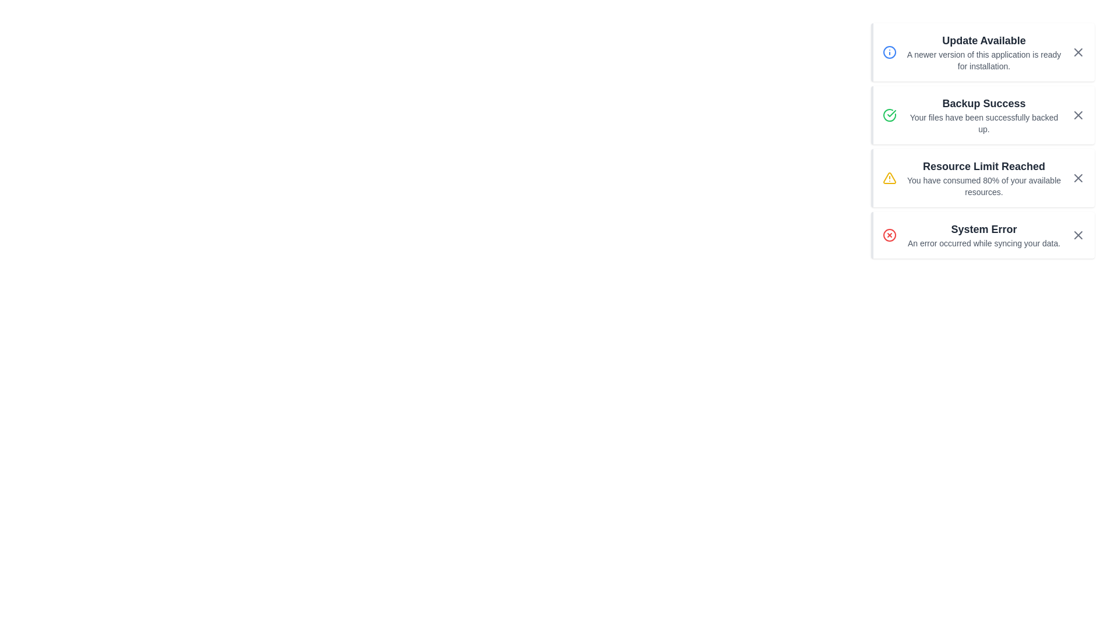 This screenshot has width=1118, height=629. I want to click on the triangular warning icon with a yellow fill and a bold black border, located in the left section of the 'Resource Limit Reached' notification, so click(889, 178).